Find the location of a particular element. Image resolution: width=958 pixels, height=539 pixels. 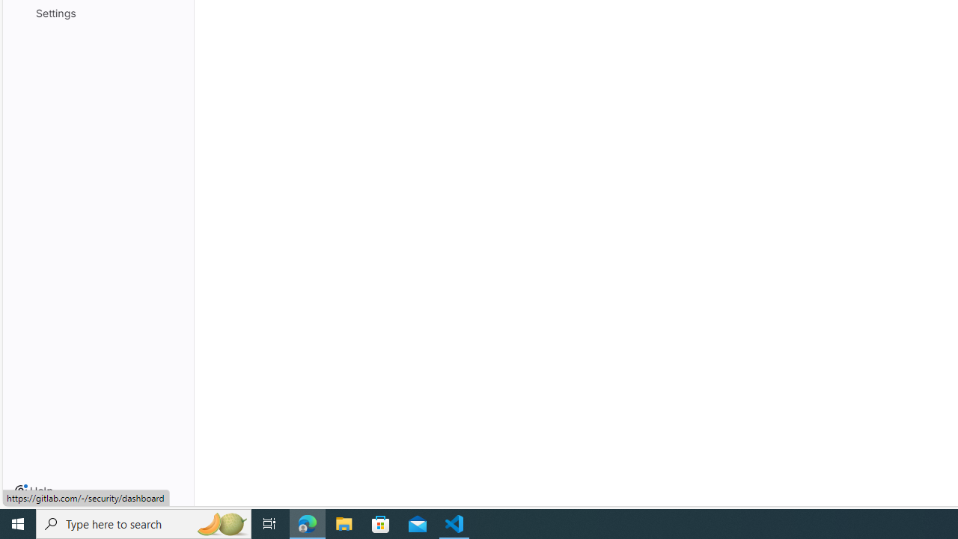

'Settings' is located at coordinates (97, 13).